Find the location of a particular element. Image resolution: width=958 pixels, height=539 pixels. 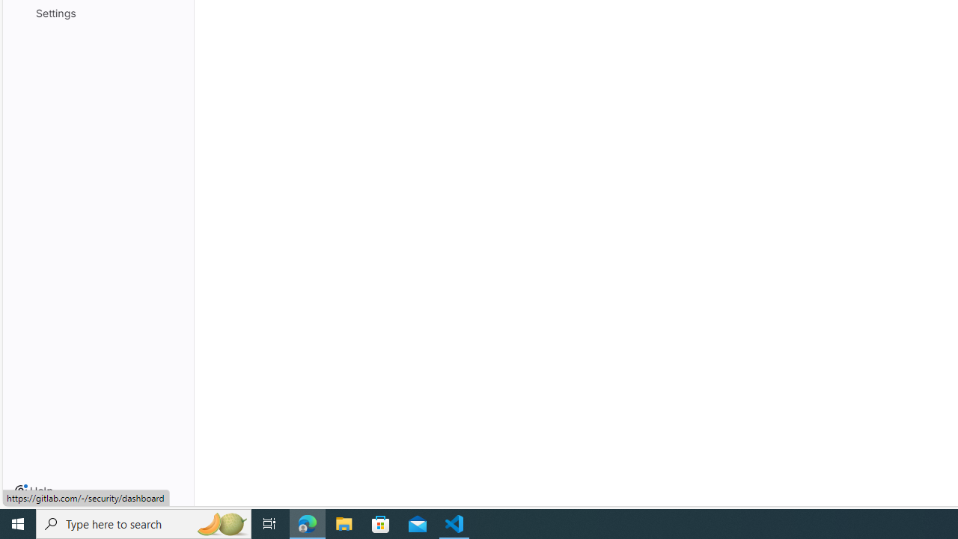

'Settings' is located at coordinates (97, 13).